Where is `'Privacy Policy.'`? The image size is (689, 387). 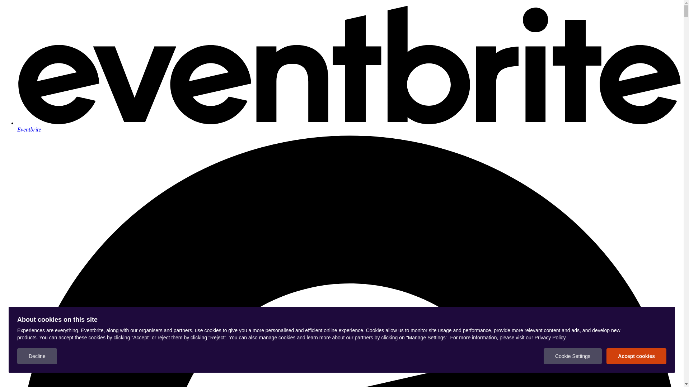
'Privacy Policy.' is located at coordinates (534, 337).